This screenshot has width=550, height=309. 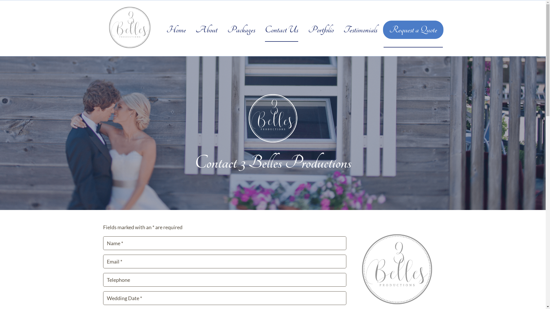 What do you see at coordinates (227, 30) in the screenshot?
I see `'Packages'` at bounding box center [227, 30].